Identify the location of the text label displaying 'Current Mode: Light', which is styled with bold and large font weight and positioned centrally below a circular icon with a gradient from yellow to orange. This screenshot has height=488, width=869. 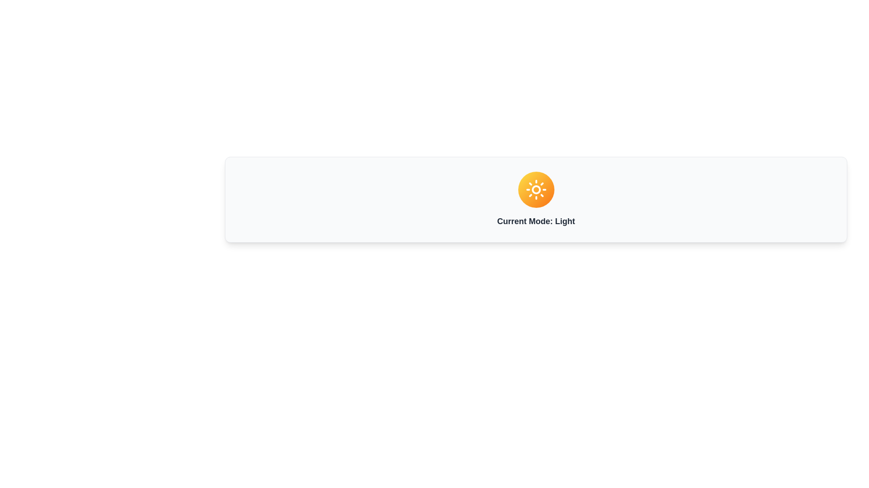
(536, 221).